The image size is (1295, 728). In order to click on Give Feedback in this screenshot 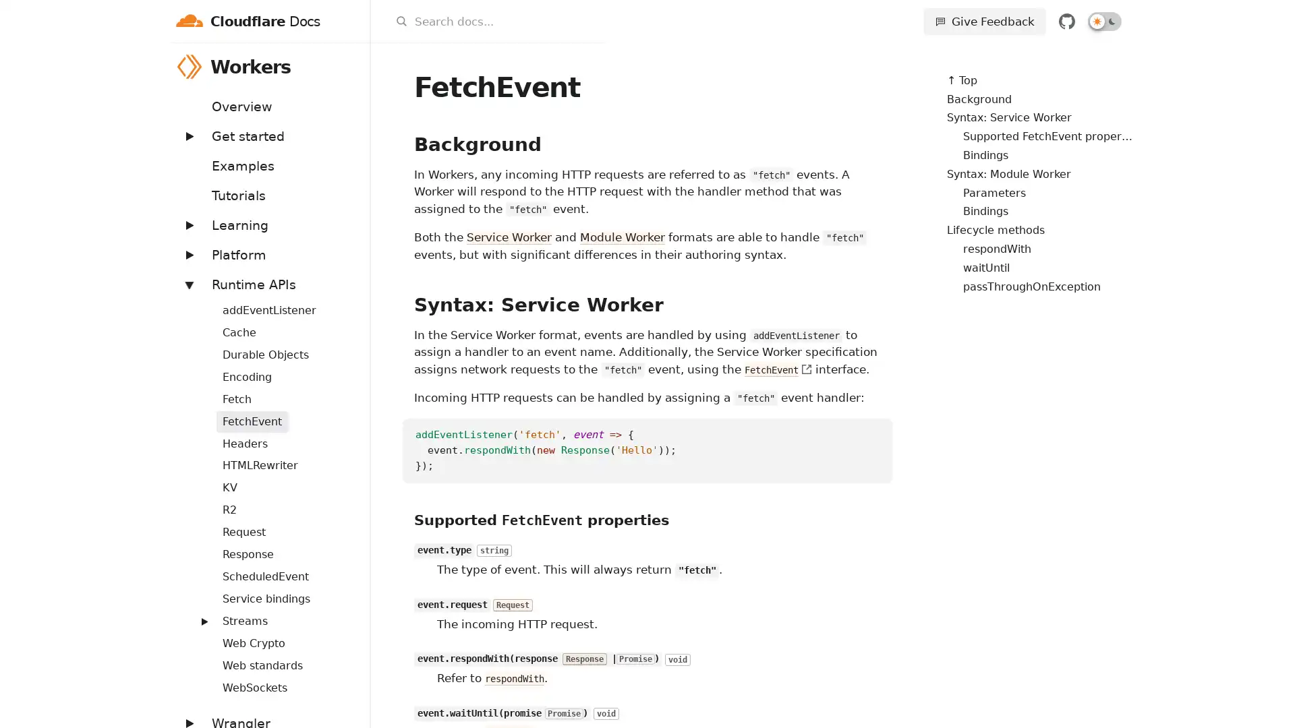, I will do `click(984, 21)`.